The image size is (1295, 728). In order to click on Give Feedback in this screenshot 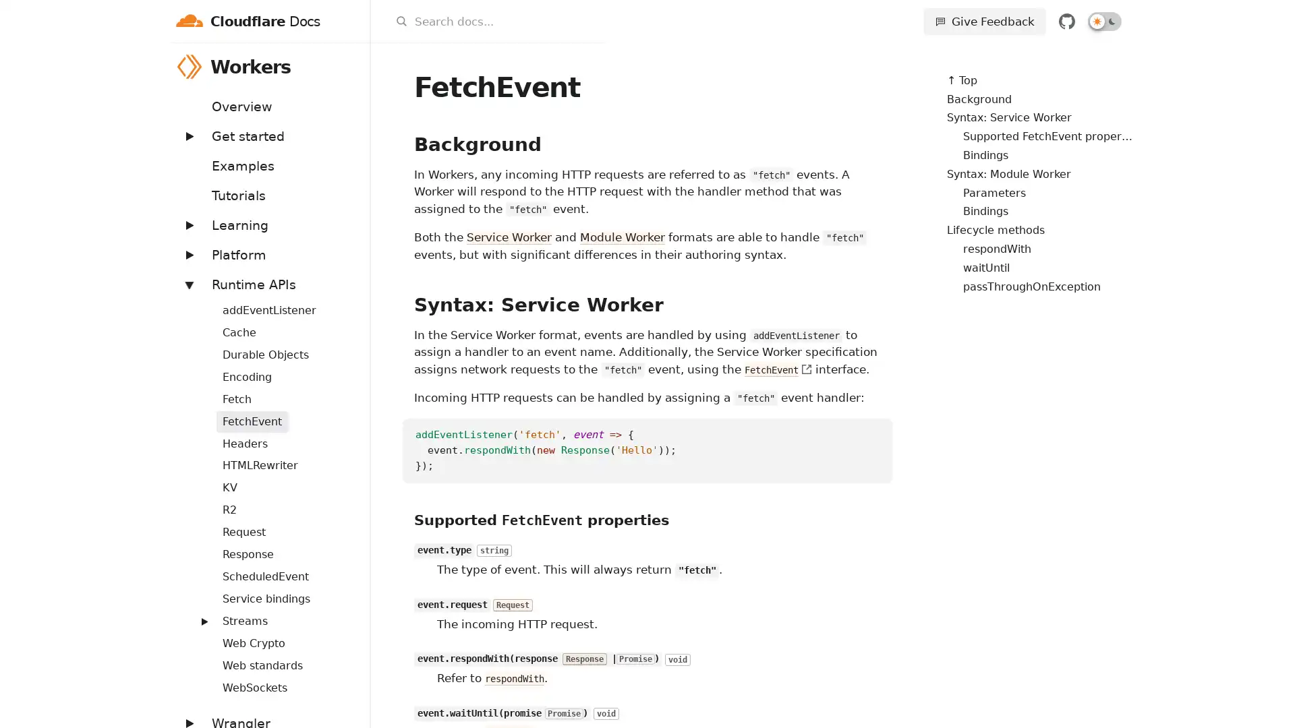, I will do `click(984, 21)`.